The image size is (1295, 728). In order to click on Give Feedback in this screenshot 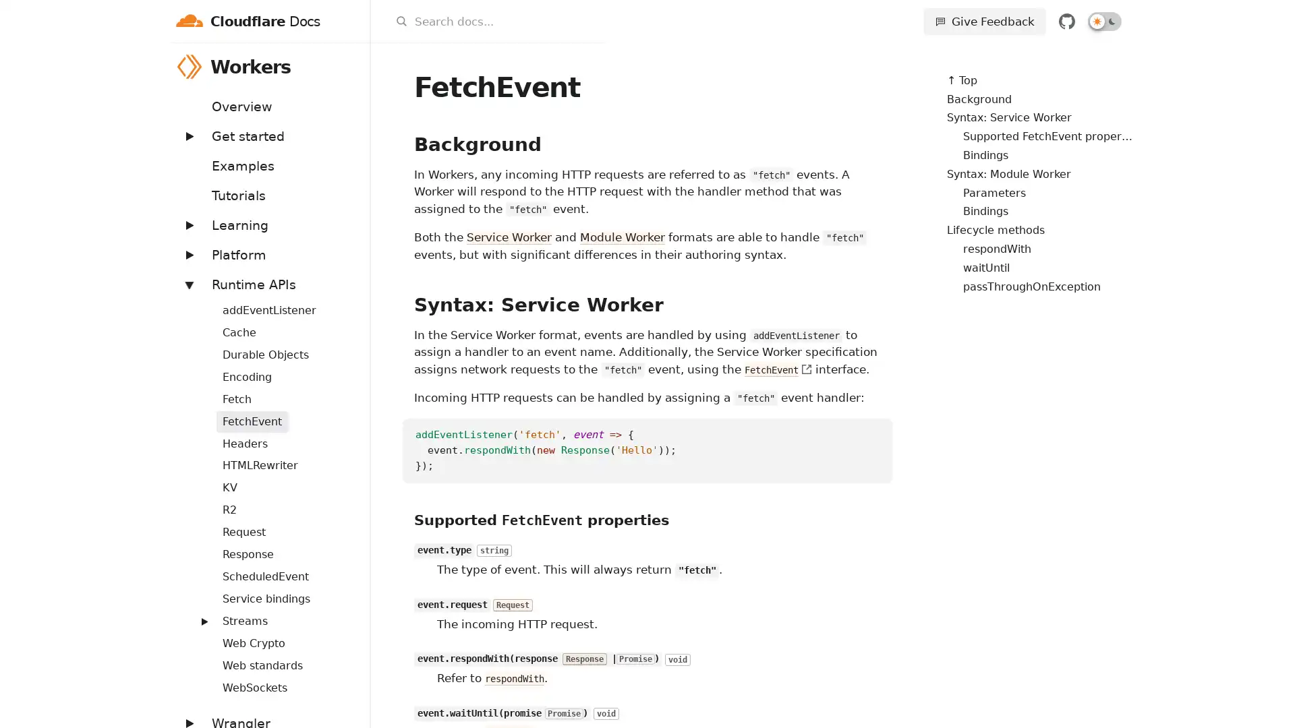, I will do `click(984, 21)`.